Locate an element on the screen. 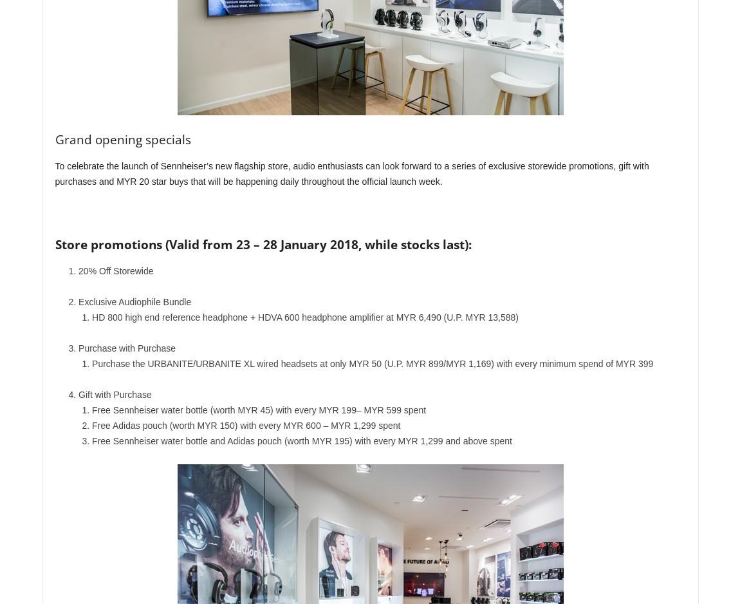  'Gift with Purchase' is located at coordinates (114, 394).